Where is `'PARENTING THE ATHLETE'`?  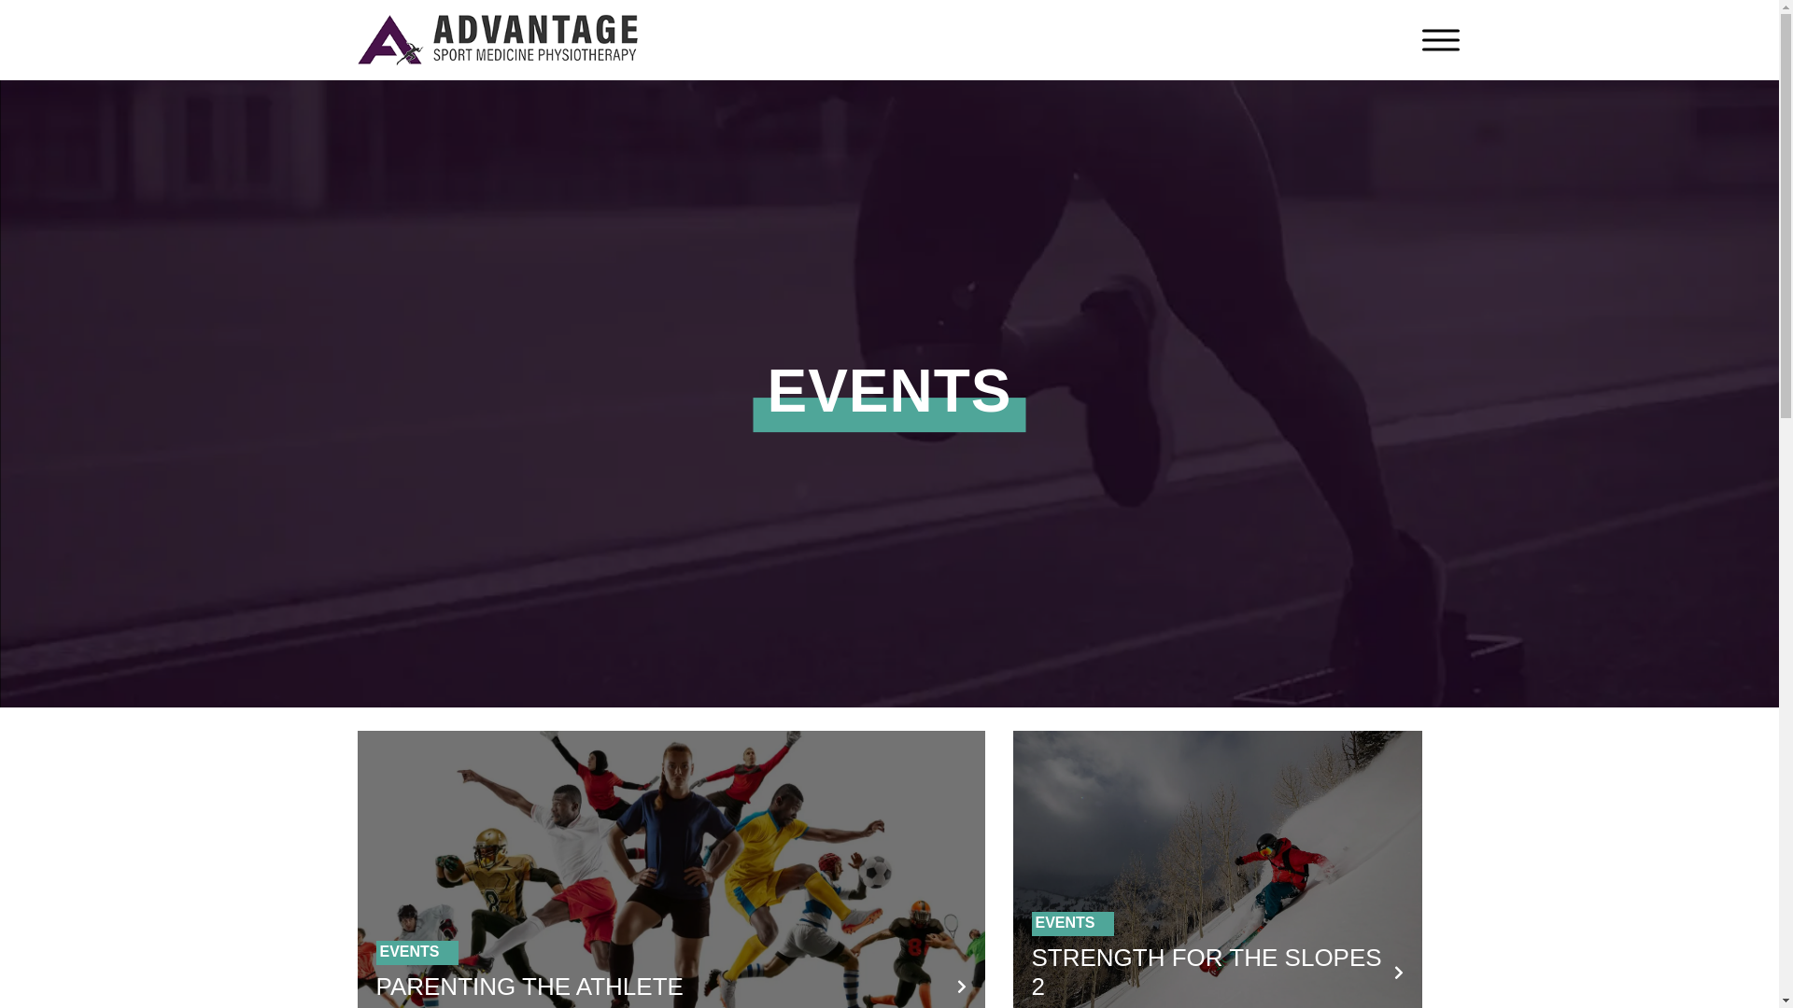 'PARENTING THE ATHLETE' is located at coordinates (374, 985).